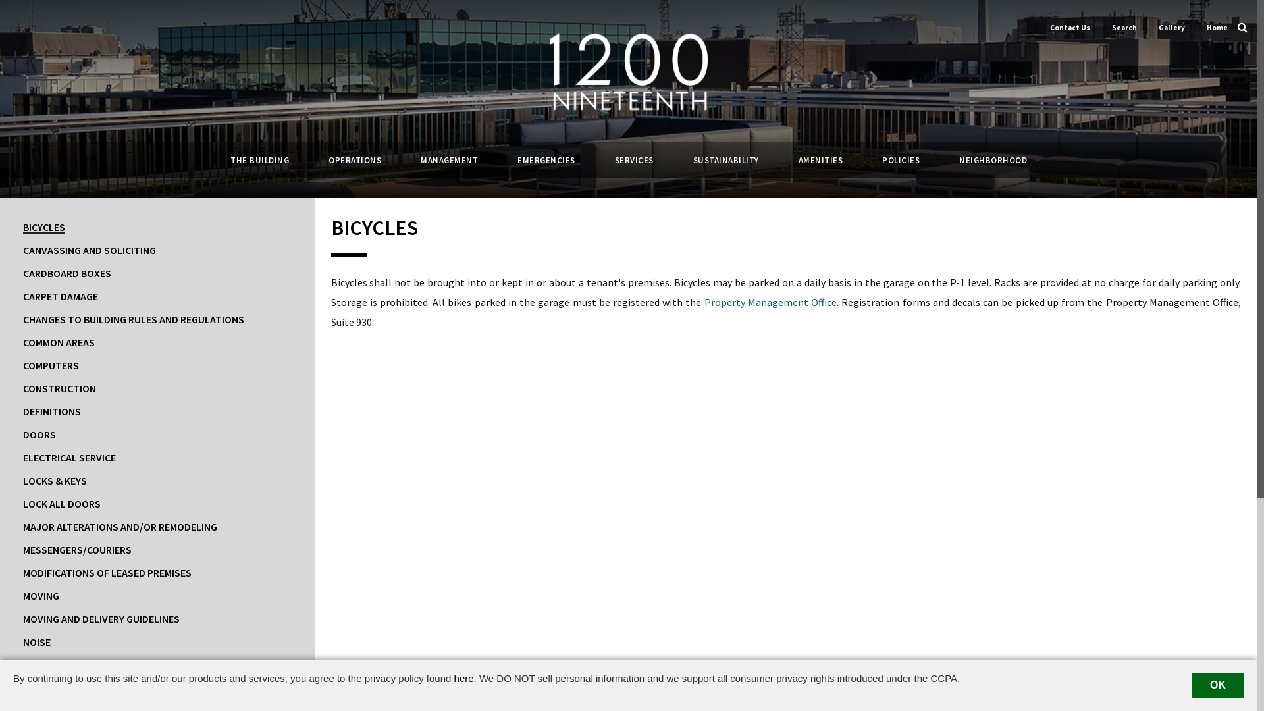 This screenshot has width=1264, height=711. Describe the element at coordinates (157, 250) in the screenshot. I see `'CANVASSING AND SOLICITING'` at that location.